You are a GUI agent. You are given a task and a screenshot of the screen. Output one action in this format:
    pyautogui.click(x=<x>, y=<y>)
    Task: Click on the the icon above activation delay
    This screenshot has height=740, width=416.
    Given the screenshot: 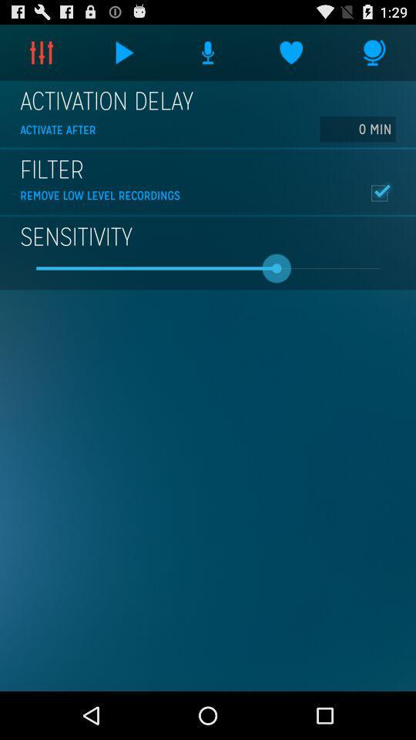 What is the action you would take?
    pyautogui.click(x=374, y=52)
    